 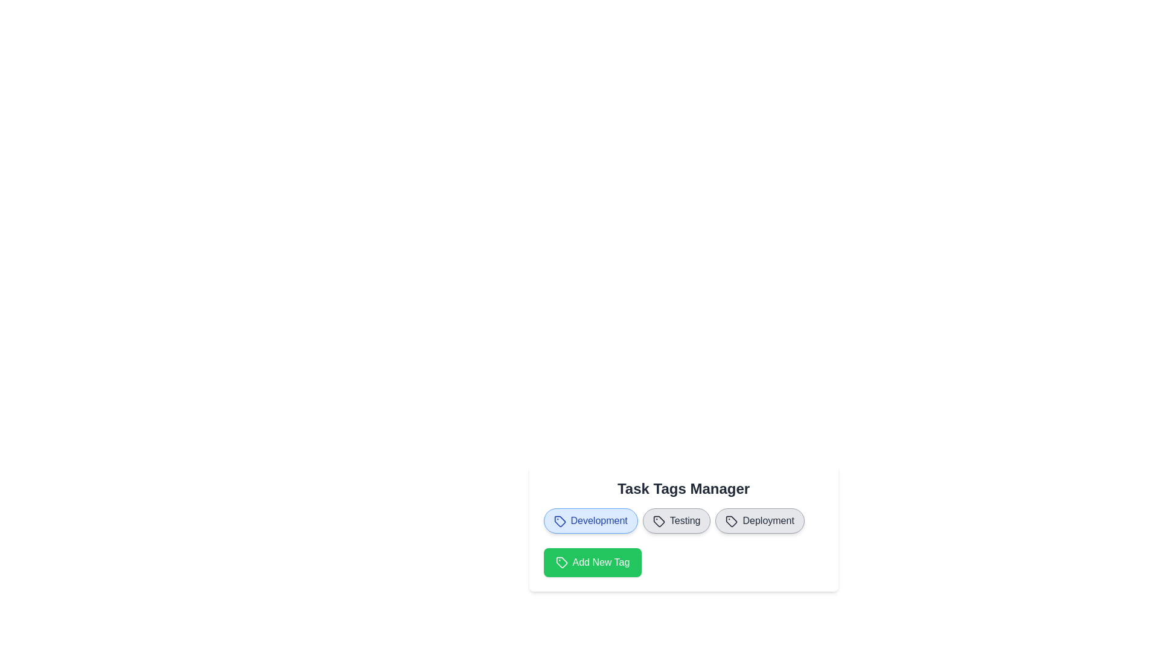 What do you see at coordinates (658, 520) in the screenshot?
I see `the graphical tag icon outlined in black with a diagonal line, positioned within the 'Testing' section of the 'Task Tags Manager', to interact with it` at bounding box center [658, 520].